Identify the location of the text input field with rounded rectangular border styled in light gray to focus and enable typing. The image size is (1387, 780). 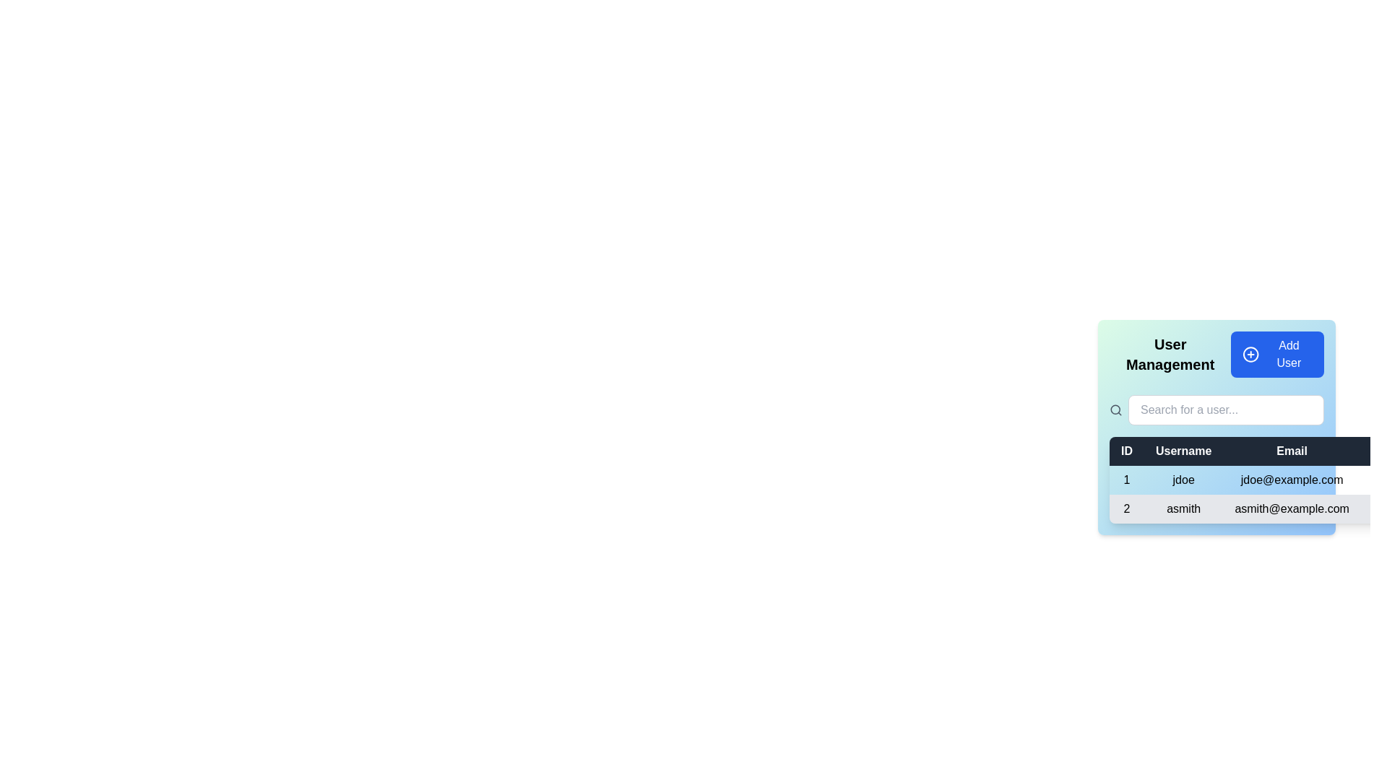
(1225, 409).